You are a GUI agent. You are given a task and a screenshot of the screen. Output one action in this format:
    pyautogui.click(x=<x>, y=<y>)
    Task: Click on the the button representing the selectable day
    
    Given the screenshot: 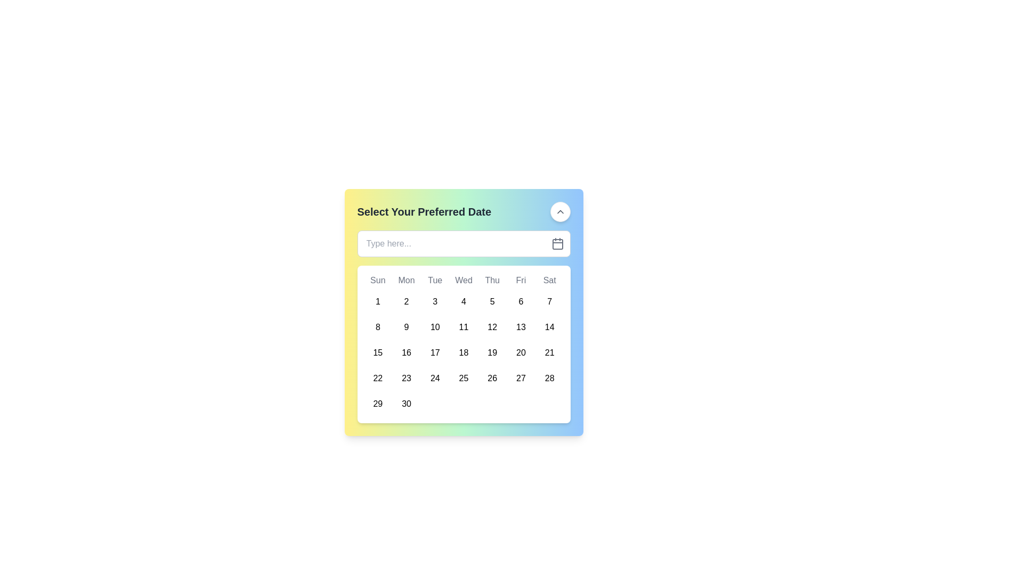 What is the action you would take?
    pyautogui.click(x=435, y=302)
    